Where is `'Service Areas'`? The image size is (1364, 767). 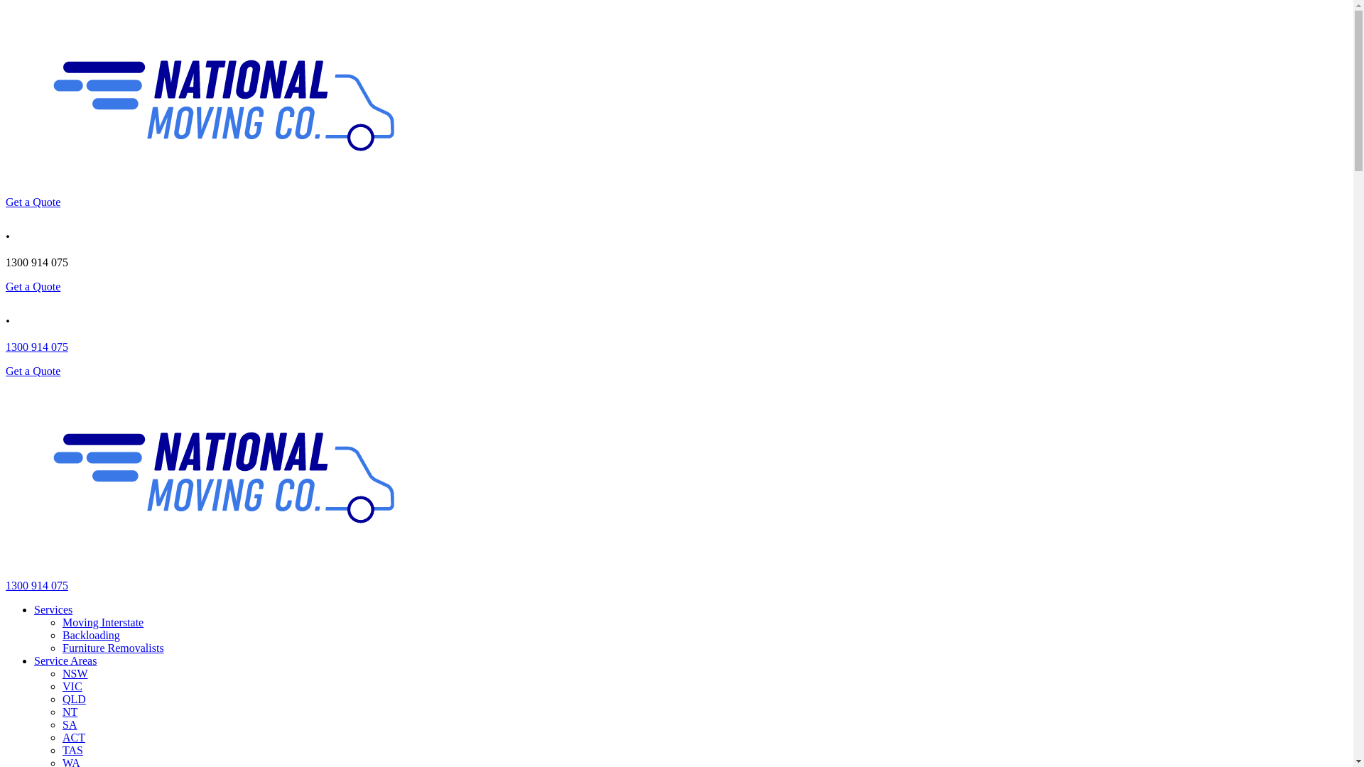
'Service Areas' is located at coordinates (64, 660).